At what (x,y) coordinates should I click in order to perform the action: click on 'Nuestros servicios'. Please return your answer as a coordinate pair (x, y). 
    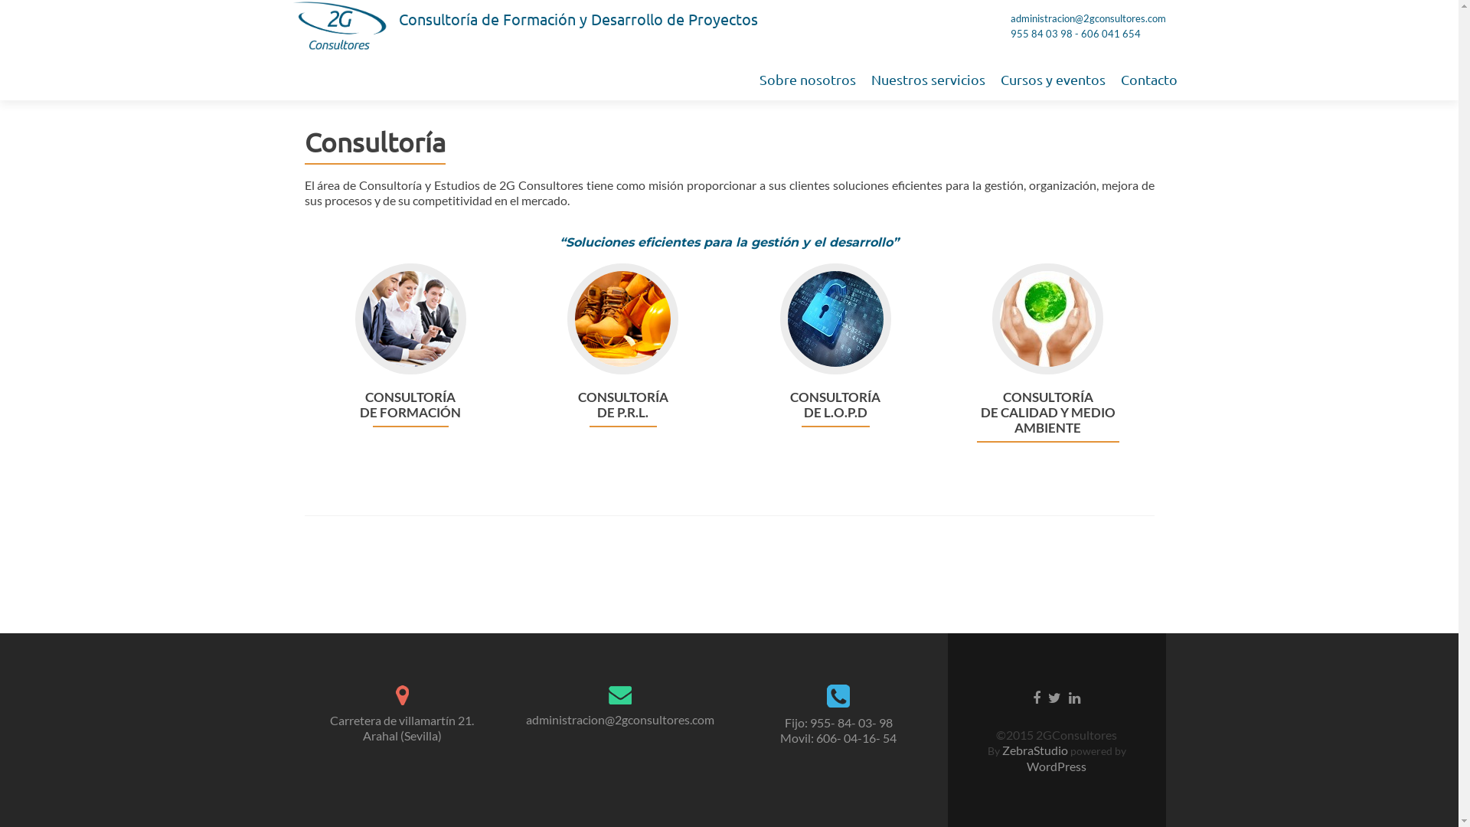
    Looking at the image, I should click on (927, 79).